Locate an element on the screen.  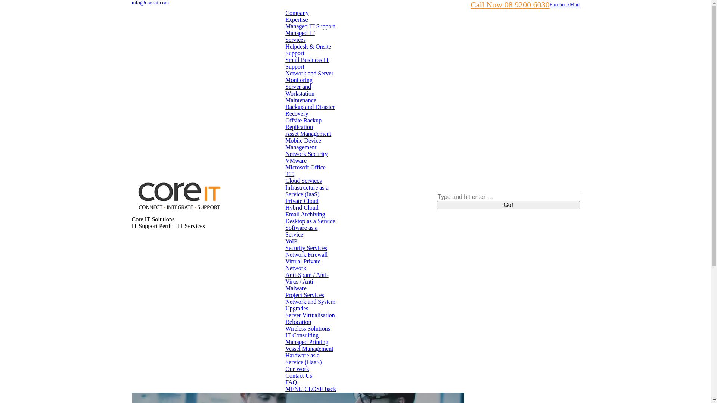
'Our Work' is located at coordinates (285, 368).